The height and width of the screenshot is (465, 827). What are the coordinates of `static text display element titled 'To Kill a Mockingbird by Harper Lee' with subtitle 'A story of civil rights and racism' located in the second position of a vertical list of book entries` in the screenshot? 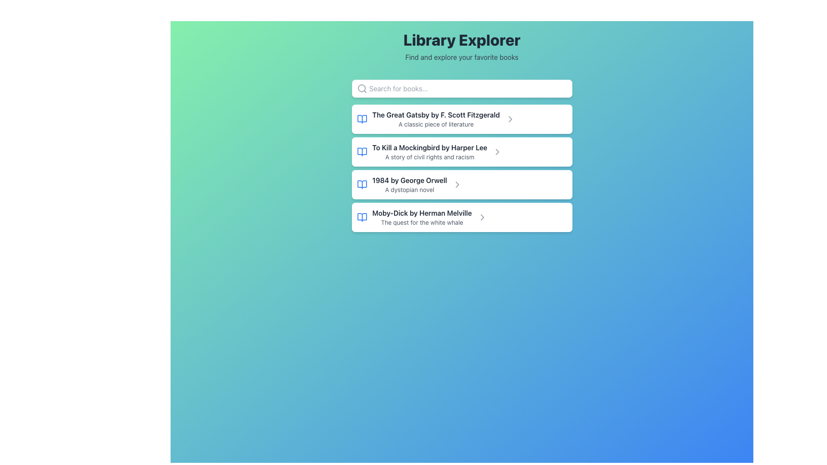 It's located at (429, 152).